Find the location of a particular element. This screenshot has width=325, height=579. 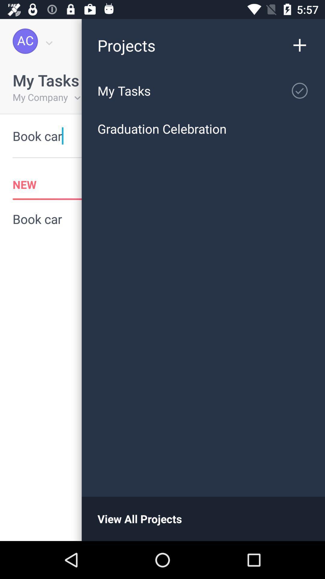

the check icon is located at coordinates (303, 88).